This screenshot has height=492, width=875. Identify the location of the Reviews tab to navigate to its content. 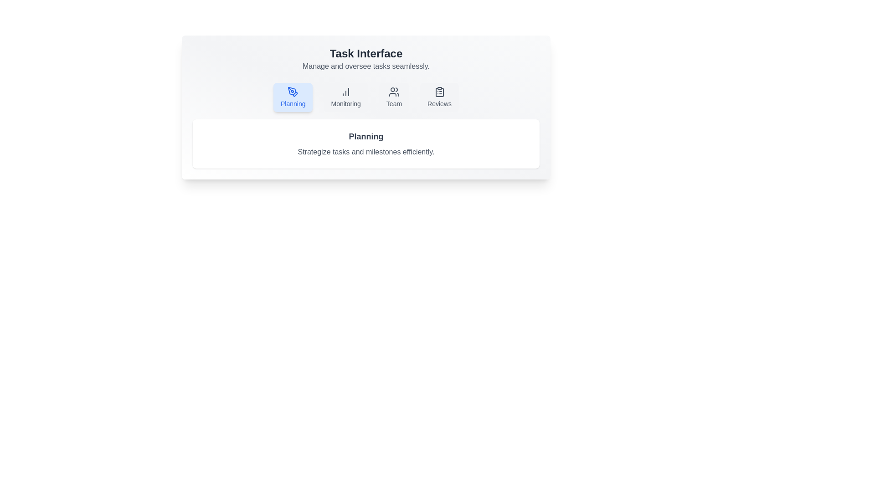
(439, 97).